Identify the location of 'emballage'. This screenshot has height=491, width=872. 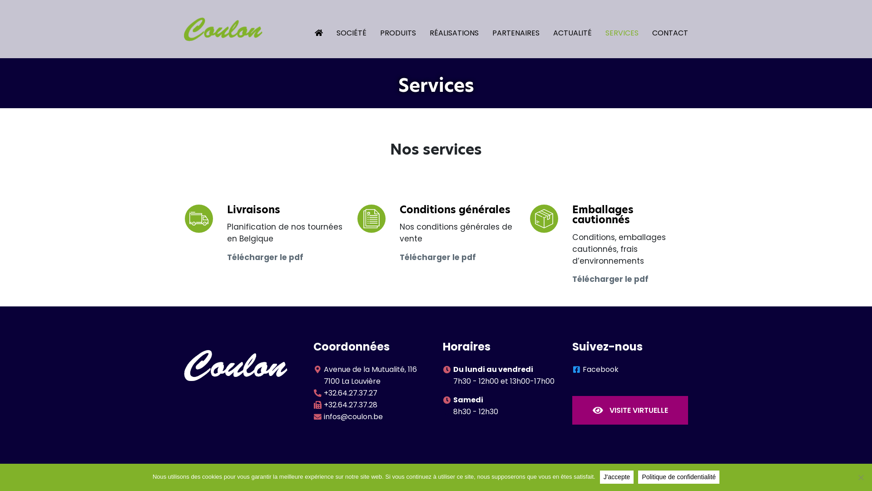
(543, 219).